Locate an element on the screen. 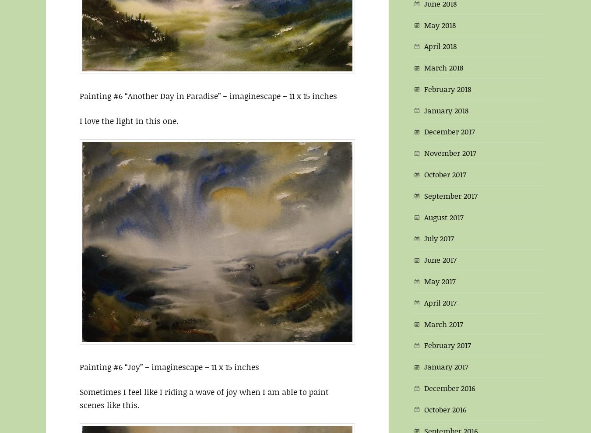 The height and width of the screenshot is (433, 591). 'February 2018' is located at coordinates (447, 88).